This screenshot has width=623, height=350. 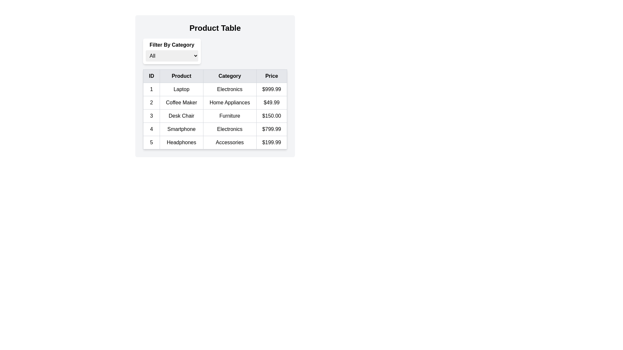 What do you see at coordinates (172, 44) in the screenshot?
I see `the bold text label saying 'Filter By Category', which is positioned above the dropdown menu in the filtering options panel` at bounding box center [172, 44].